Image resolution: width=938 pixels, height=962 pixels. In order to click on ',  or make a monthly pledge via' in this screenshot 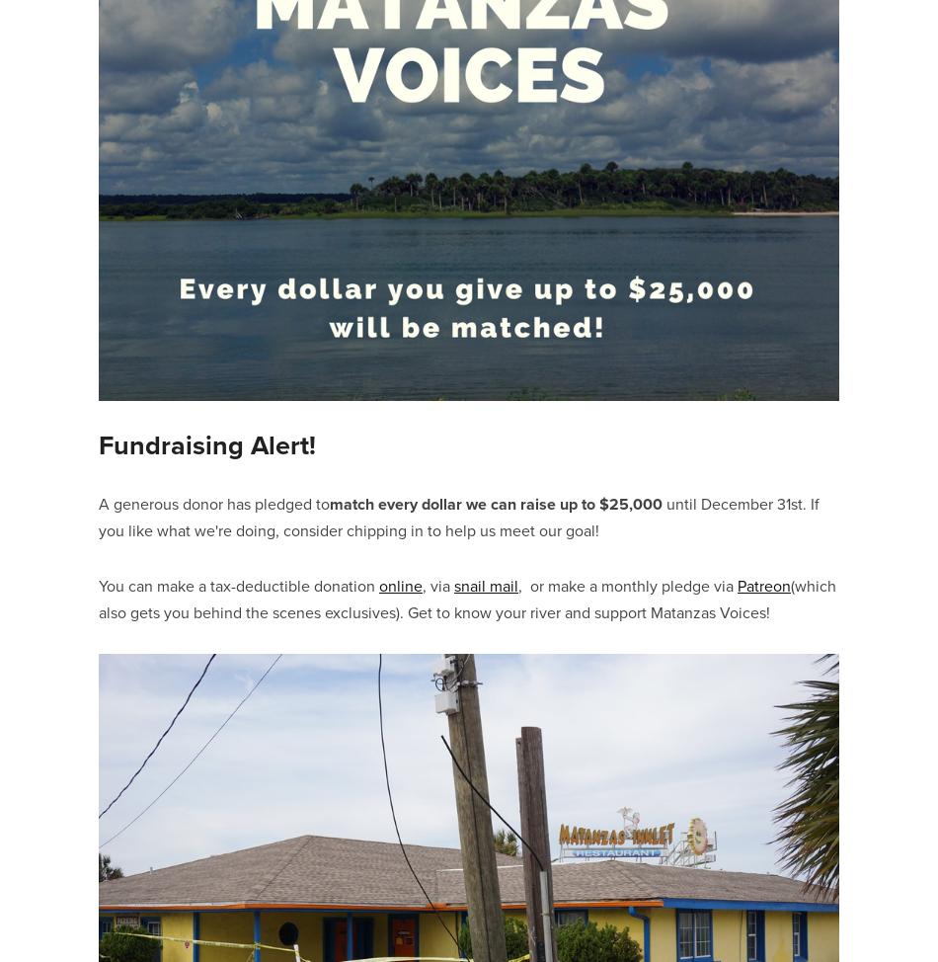, I will do `click(628, 584)`.